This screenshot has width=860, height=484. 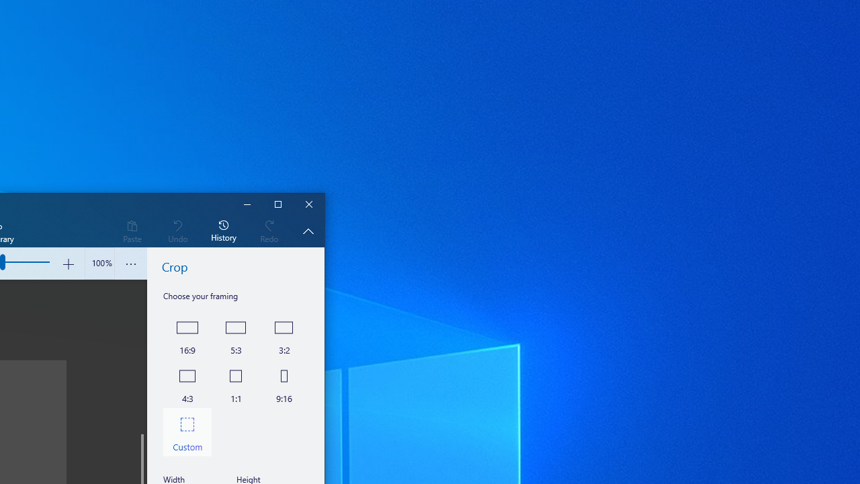 I want to click on 'Custom', so click(x=187, y=432).